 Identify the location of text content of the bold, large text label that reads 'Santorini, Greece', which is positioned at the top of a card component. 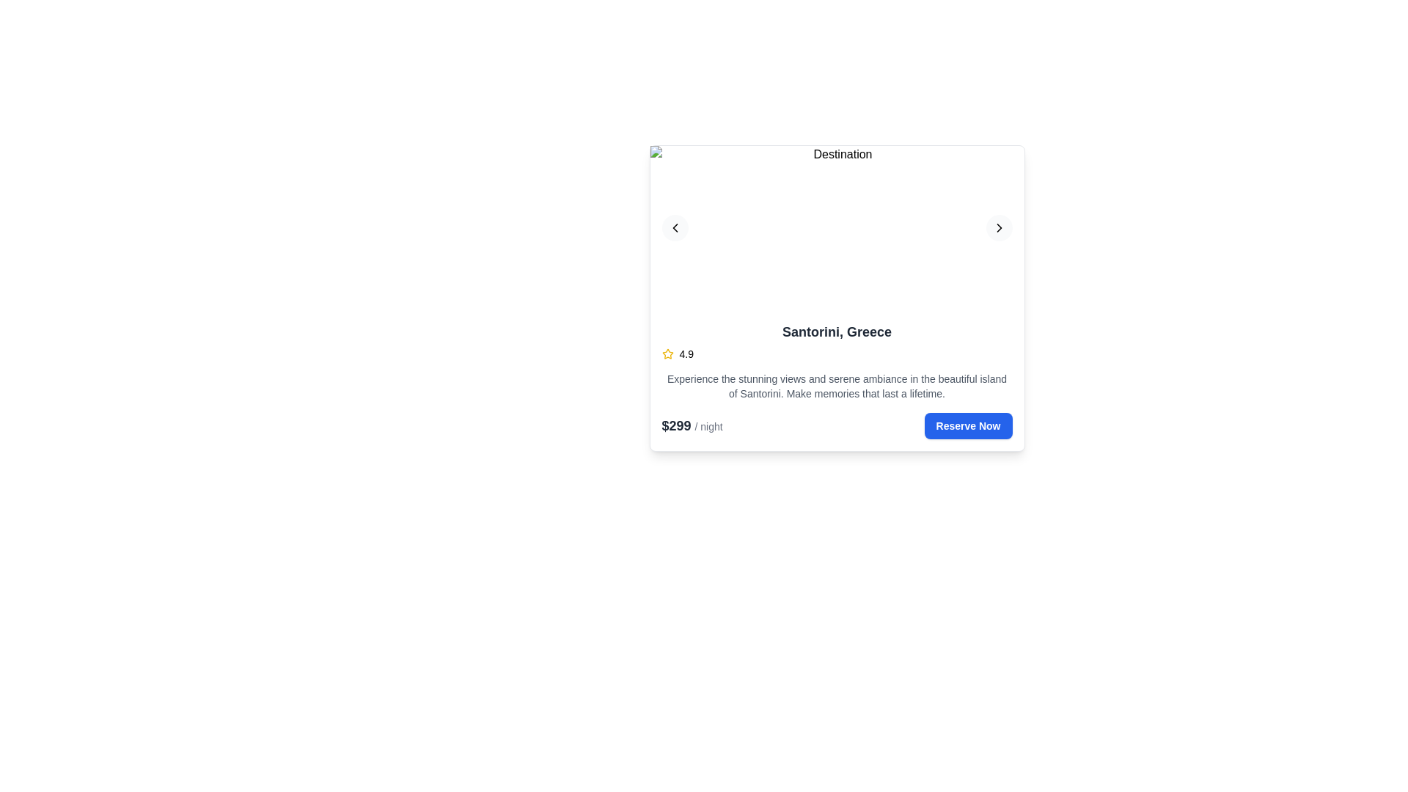
(837, 331).